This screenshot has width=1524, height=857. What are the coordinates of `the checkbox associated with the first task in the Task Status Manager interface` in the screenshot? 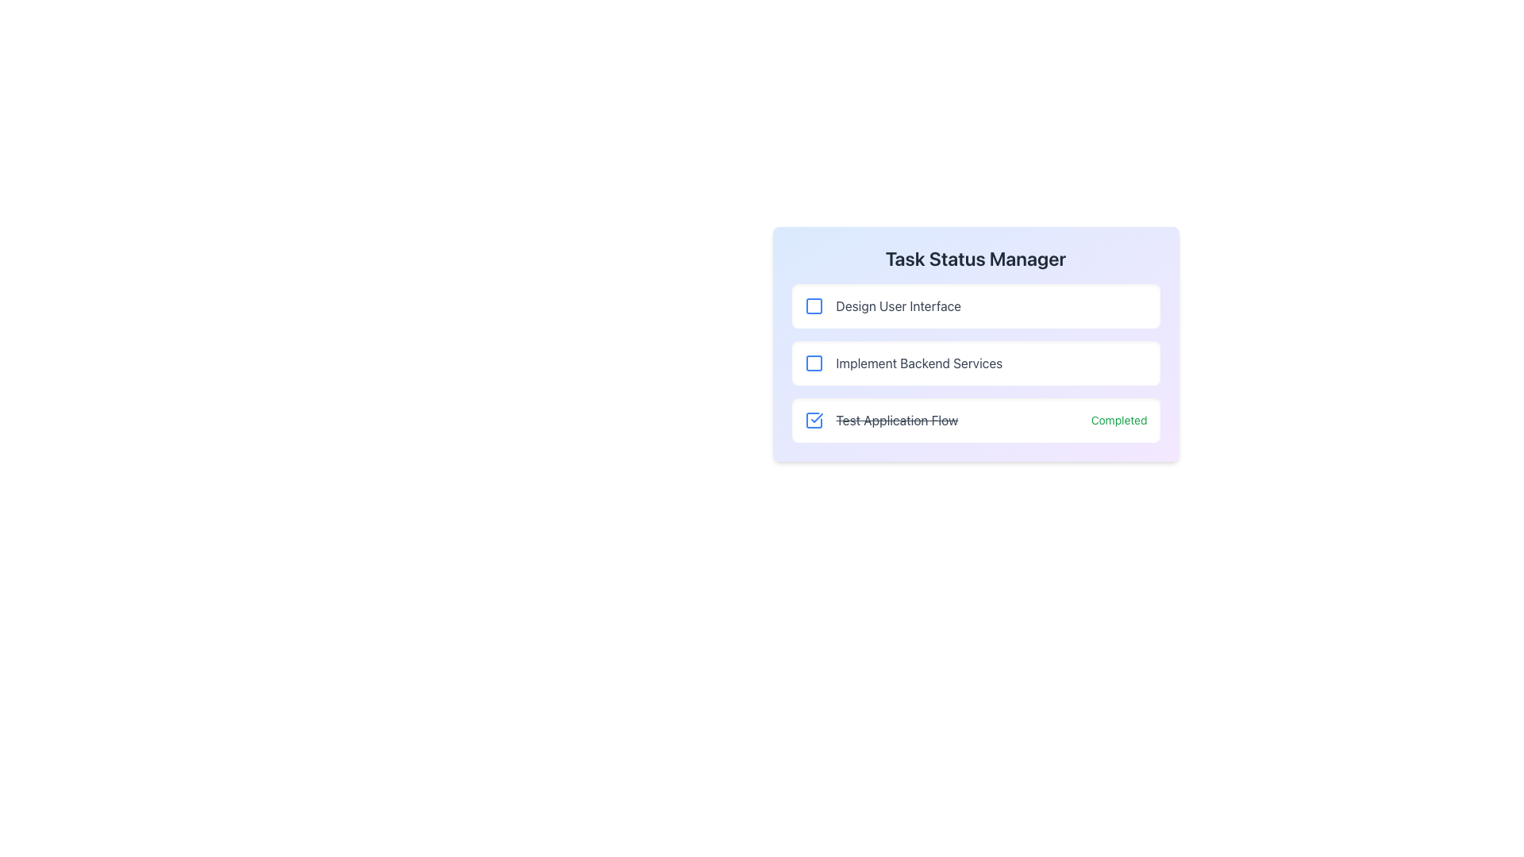 It's located at (882, 306).